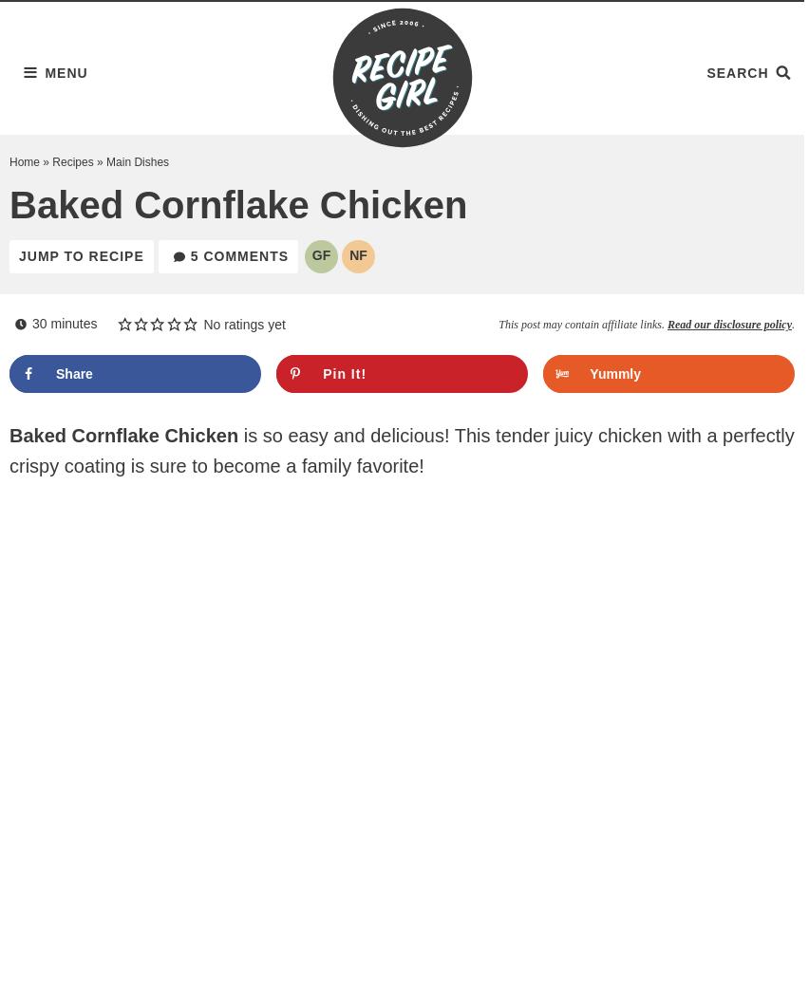 This screenshot has width=809, height=989. What do you see at coordinates (737, 70) in the screenshot?
I see `'Search'` at bounding box center [737, 70].